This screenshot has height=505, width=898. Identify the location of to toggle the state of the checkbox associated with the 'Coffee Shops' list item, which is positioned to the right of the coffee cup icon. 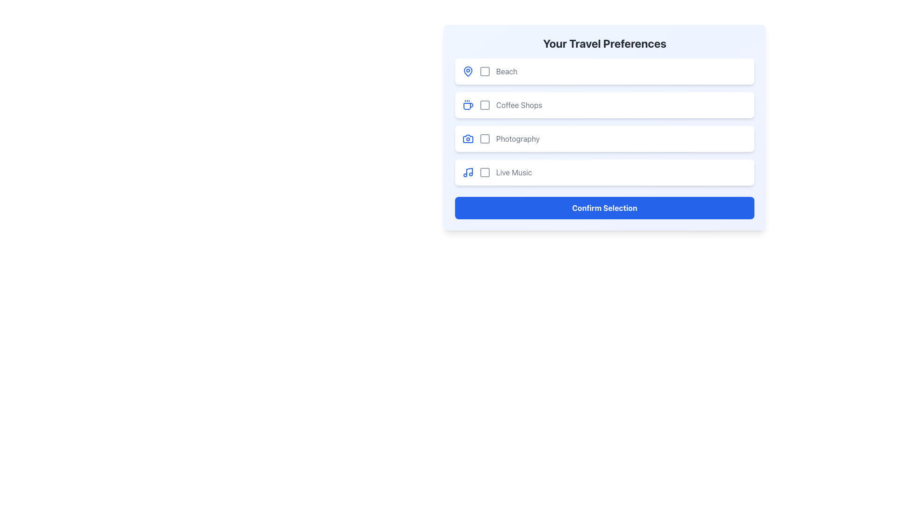
(485, 105).